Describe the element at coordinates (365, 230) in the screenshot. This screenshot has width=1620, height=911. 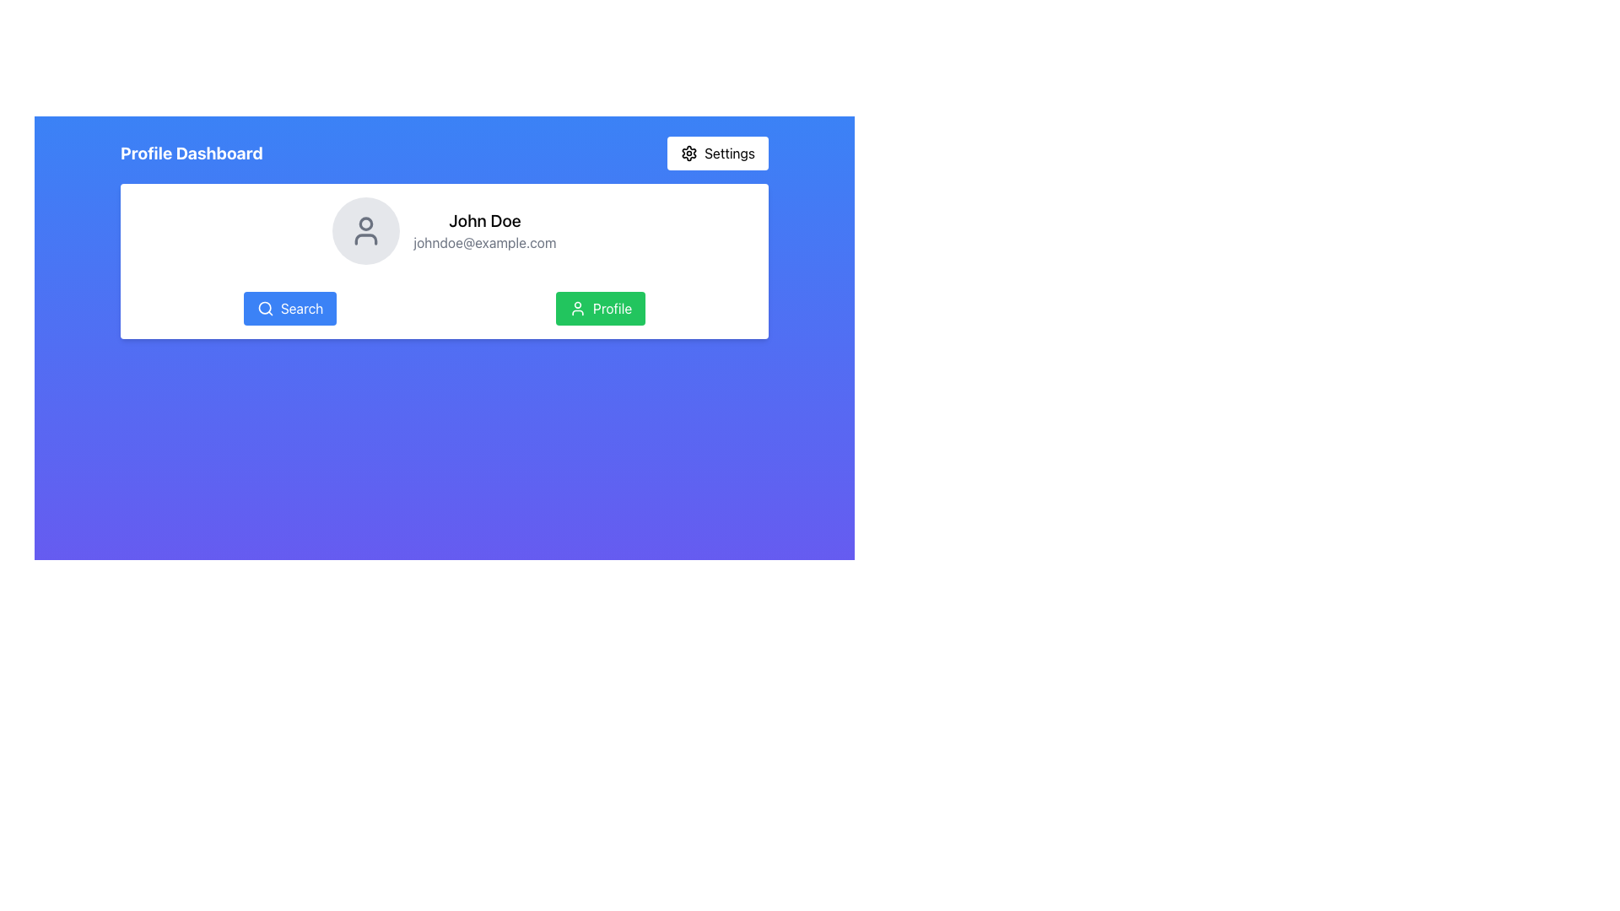
I see `the Avatar placeholder circle with user icon, which represents a user profile display area located near the center-left of the layout, immediately left of the text 'John Doe' and 'johndoe@example.com'` at that location.